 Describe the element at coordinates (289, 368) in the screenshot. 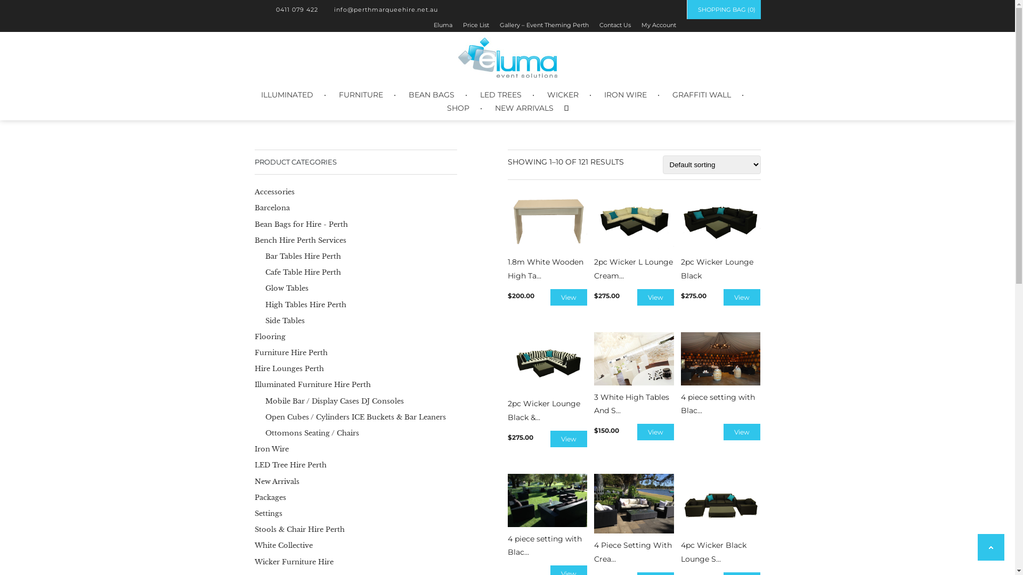

I see `'Hire Lounges Perth'` at that location.